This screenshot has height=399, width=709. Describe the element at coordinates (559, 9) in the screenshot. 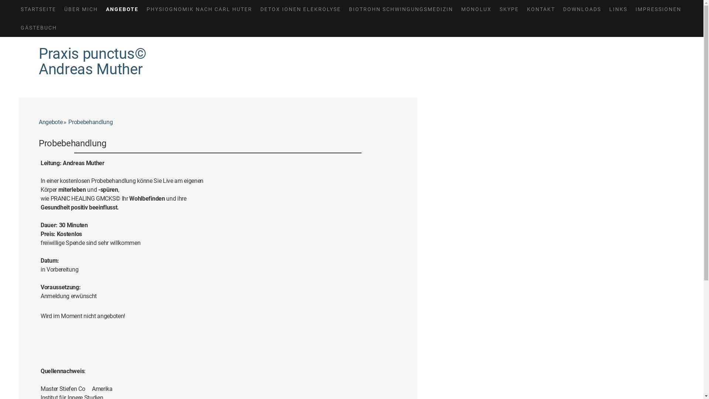

I see `'DOWNLOADS'` at that location.